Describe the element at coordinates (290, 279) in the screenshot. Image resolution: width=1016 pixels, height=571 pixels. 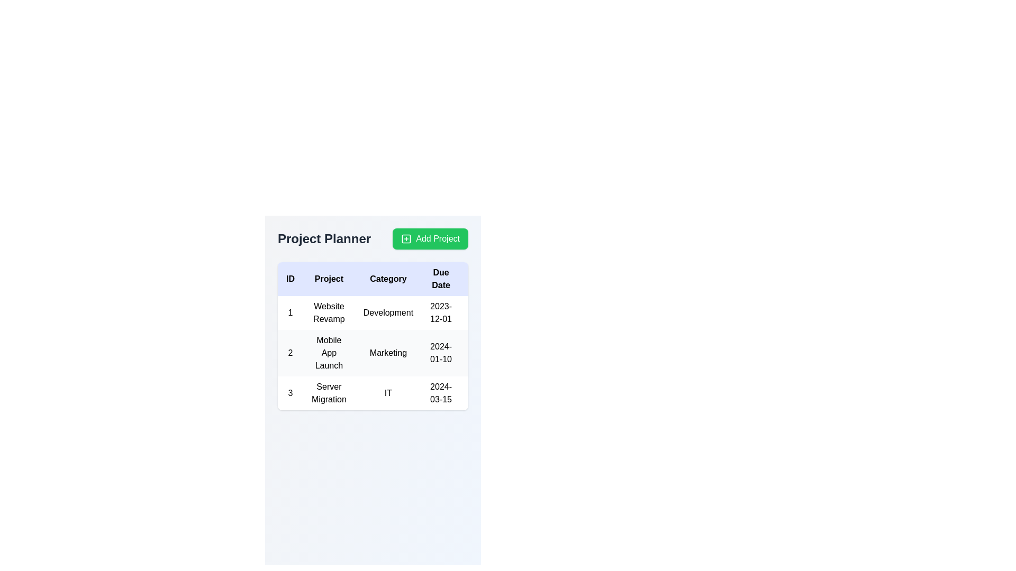
I see `Text label that serves as the header for the column containing IDs in the data table, located directly to the left of the 'Project' header` at that location.